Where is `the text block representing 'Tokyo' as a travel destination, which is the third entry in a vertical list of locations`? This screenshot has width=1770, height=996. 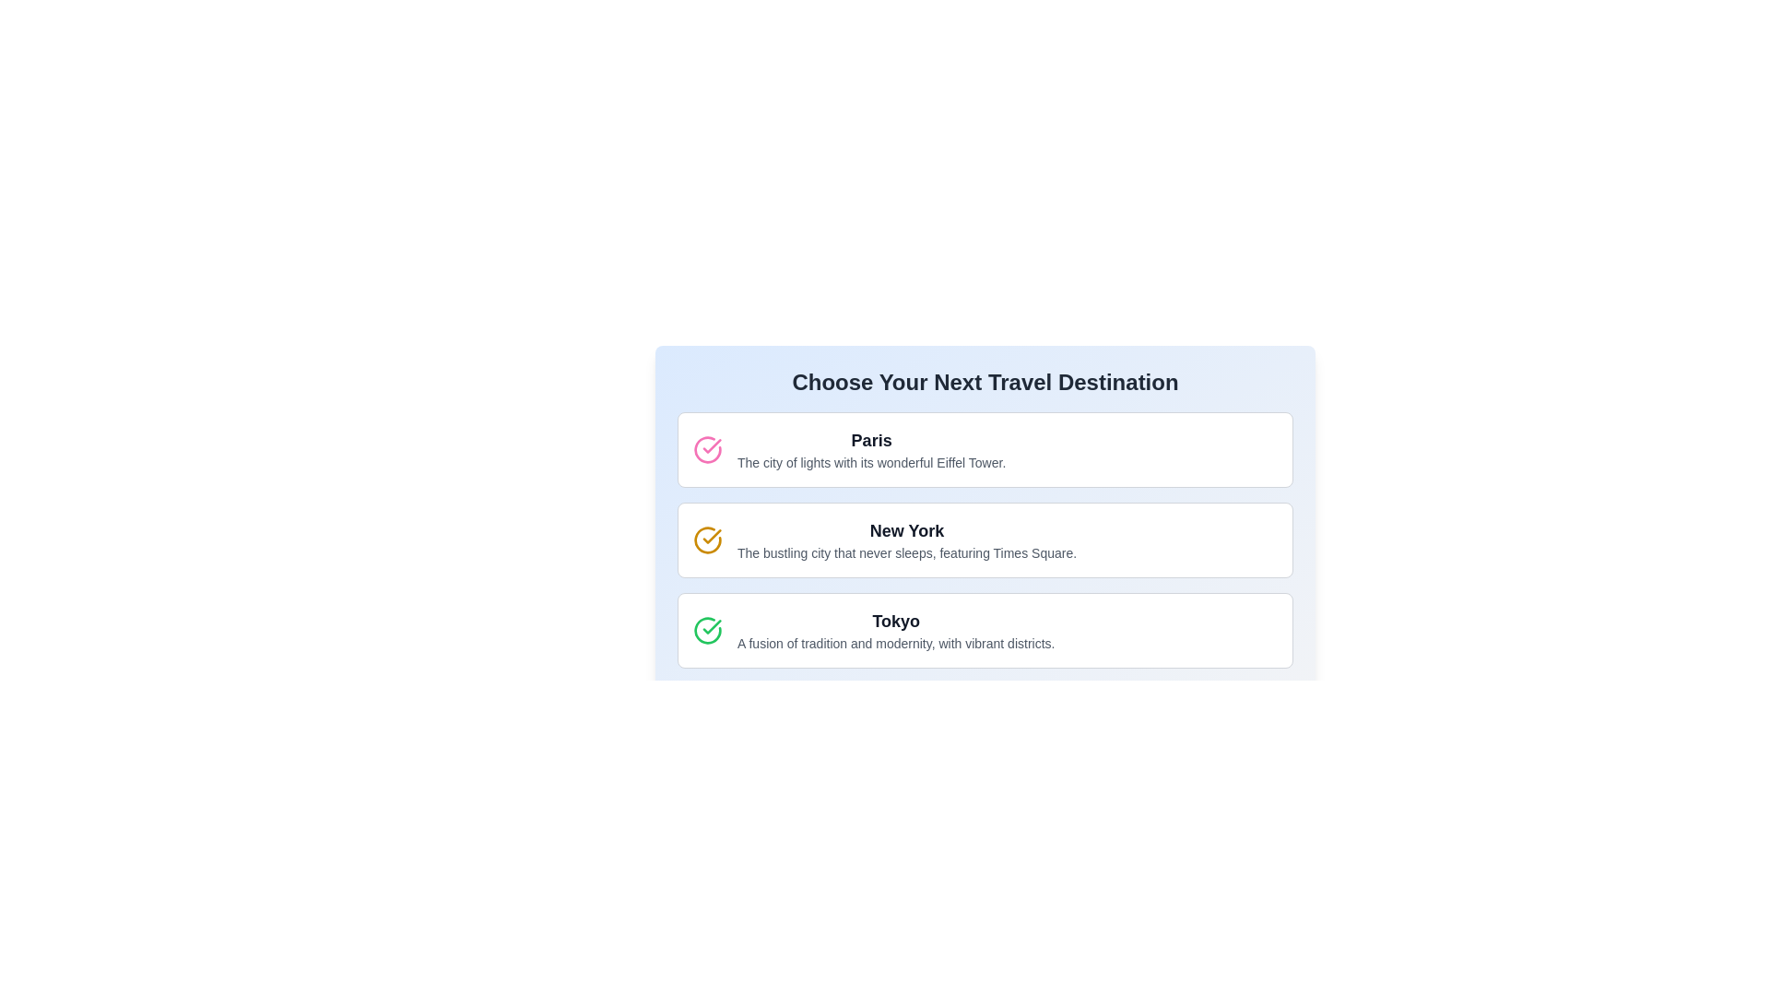
the text block representing 'Tokyo' as a travel destination, which is the third entry in a vertical list of locations is located at coordinates (896, 629).